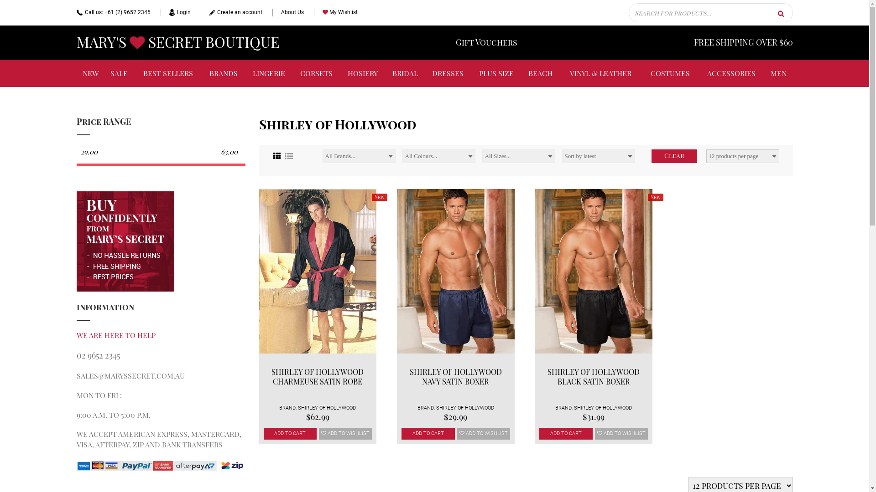  What do you see at coordinates (318, 376) in the screenshot?
I see `'SHIRLEY OF HOLLYWOOD CHARMEUSE SATIN ROBE'` at bounding box center [318, 376].